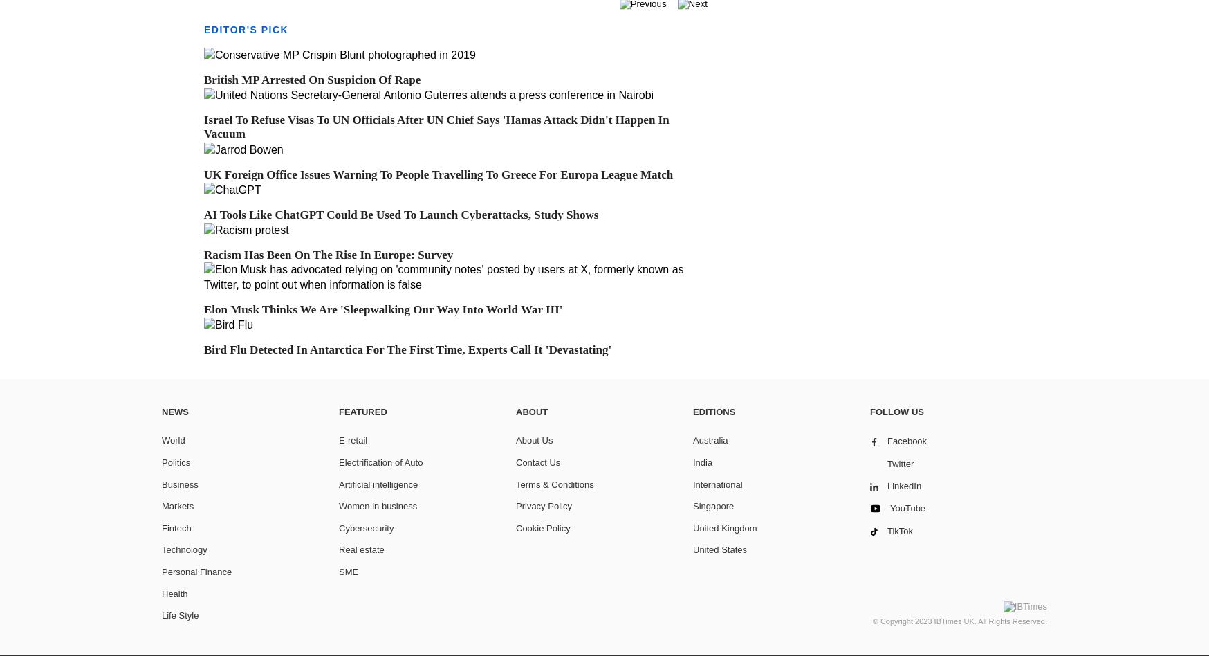  I want to click on 'Markets', so click(177, 506).